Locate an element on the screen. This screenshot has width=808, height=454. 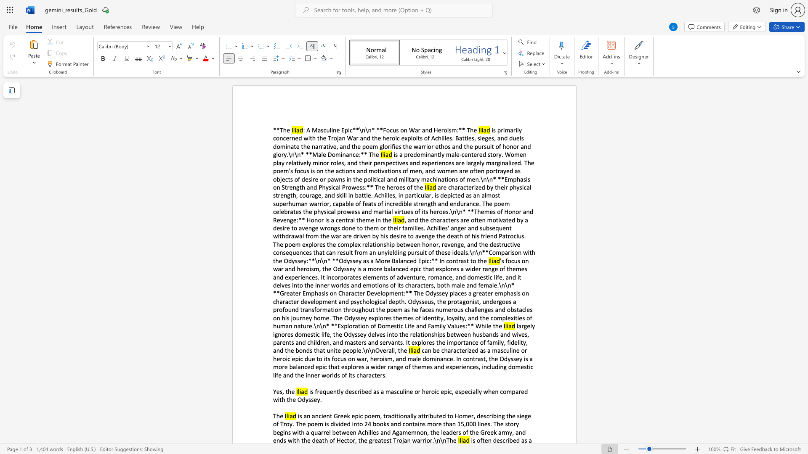
the subset text "The her" within the text "is a predominantly male-centered story. Women play relatively minor roles, and their perspectives and experiences are largely marginalized. The poem" is located at coordinates (374, 187).